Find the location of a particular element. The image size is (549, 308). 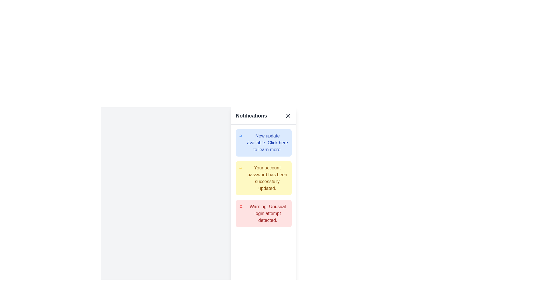

the first notification card component that displays an informational message to the user, located at the top of the vertical list of notifications is located at coordinates (263, 143).